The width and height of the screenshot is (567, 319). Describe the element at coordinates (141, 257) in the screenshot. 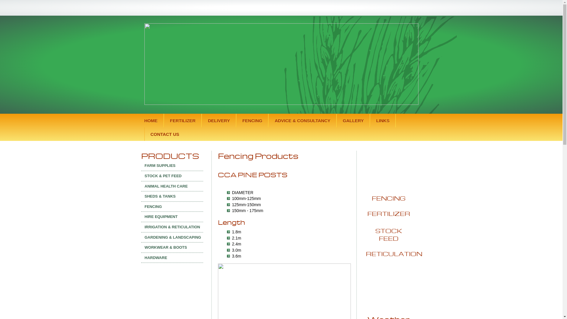

I see `'HARDWARE'` at that location.